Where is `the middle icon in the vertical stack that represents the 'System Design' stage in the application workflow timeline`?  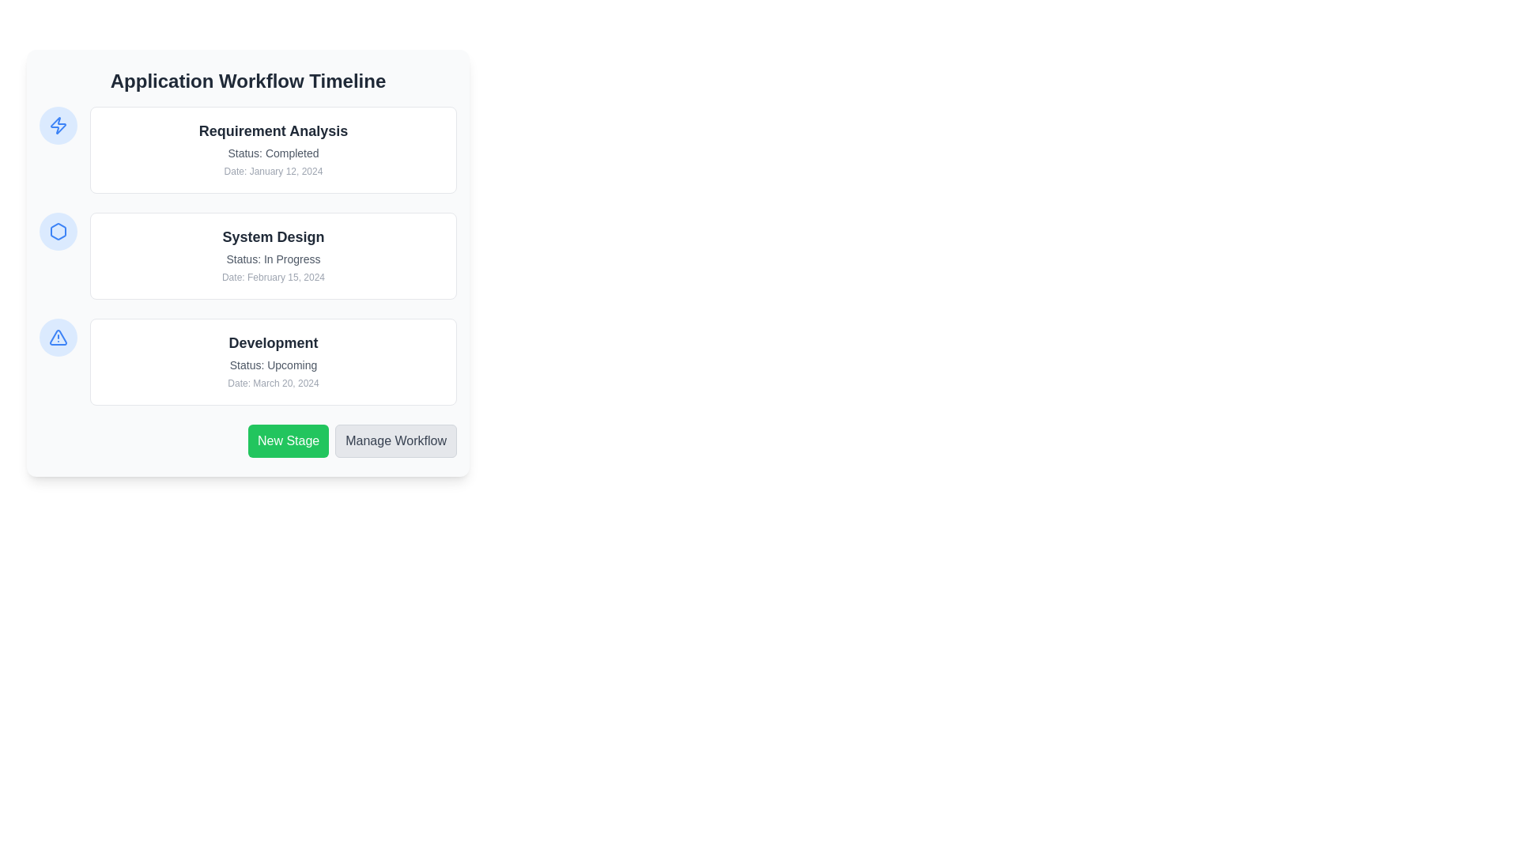
the middle icon in the vertical stack that represents the 'System Design' stage in the application workflow timeline is located at coordinates (58, 232).